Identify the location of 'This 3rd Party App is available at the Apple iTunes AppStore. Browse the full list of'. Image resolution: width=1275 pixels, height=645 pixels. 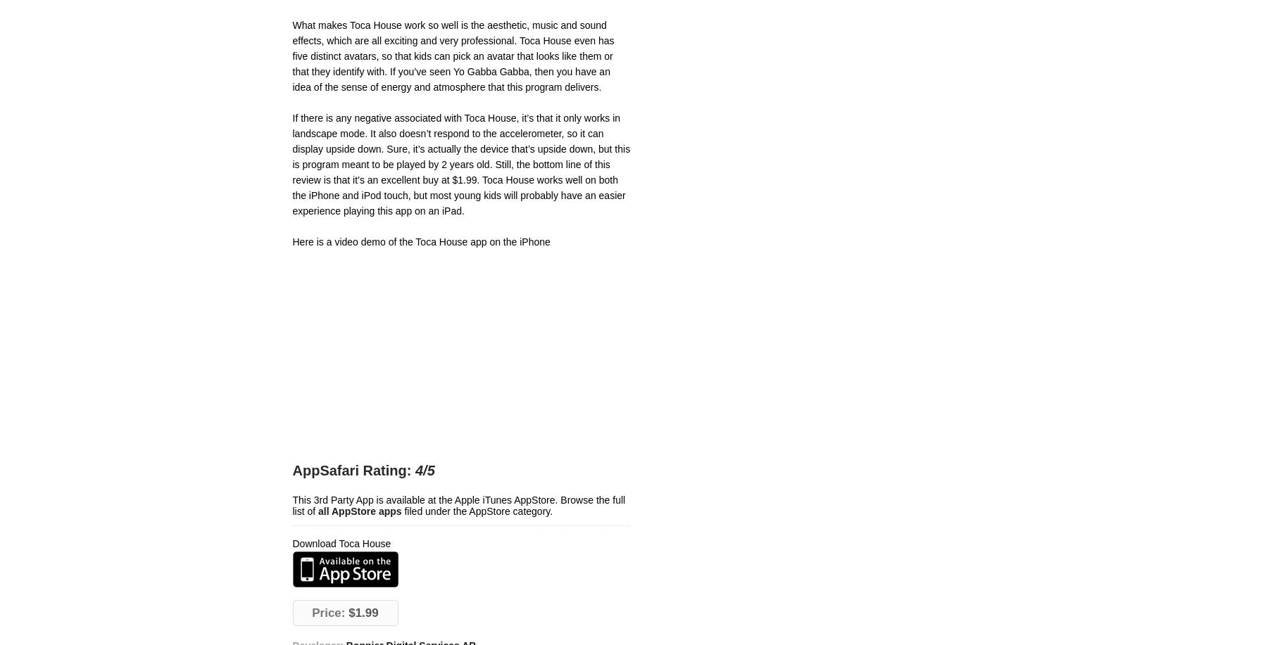
(458, 506).